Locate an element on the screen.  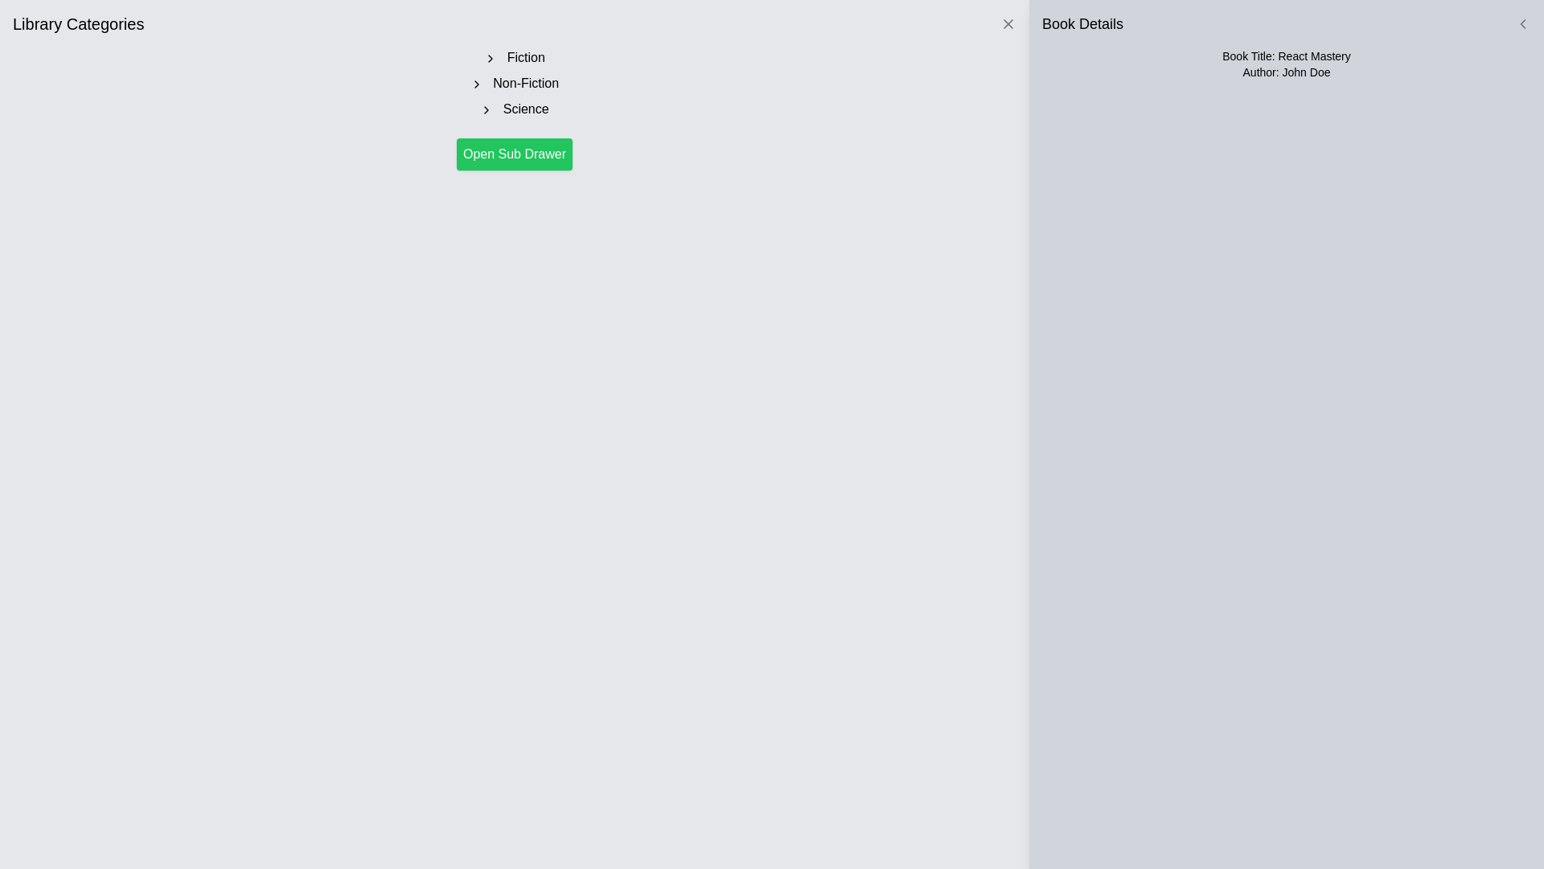
the expandable or collapsible icon for the 'Fiction' category, located to the left of its text label in the hierarchical menu structure is located at coordinates (490, 57).